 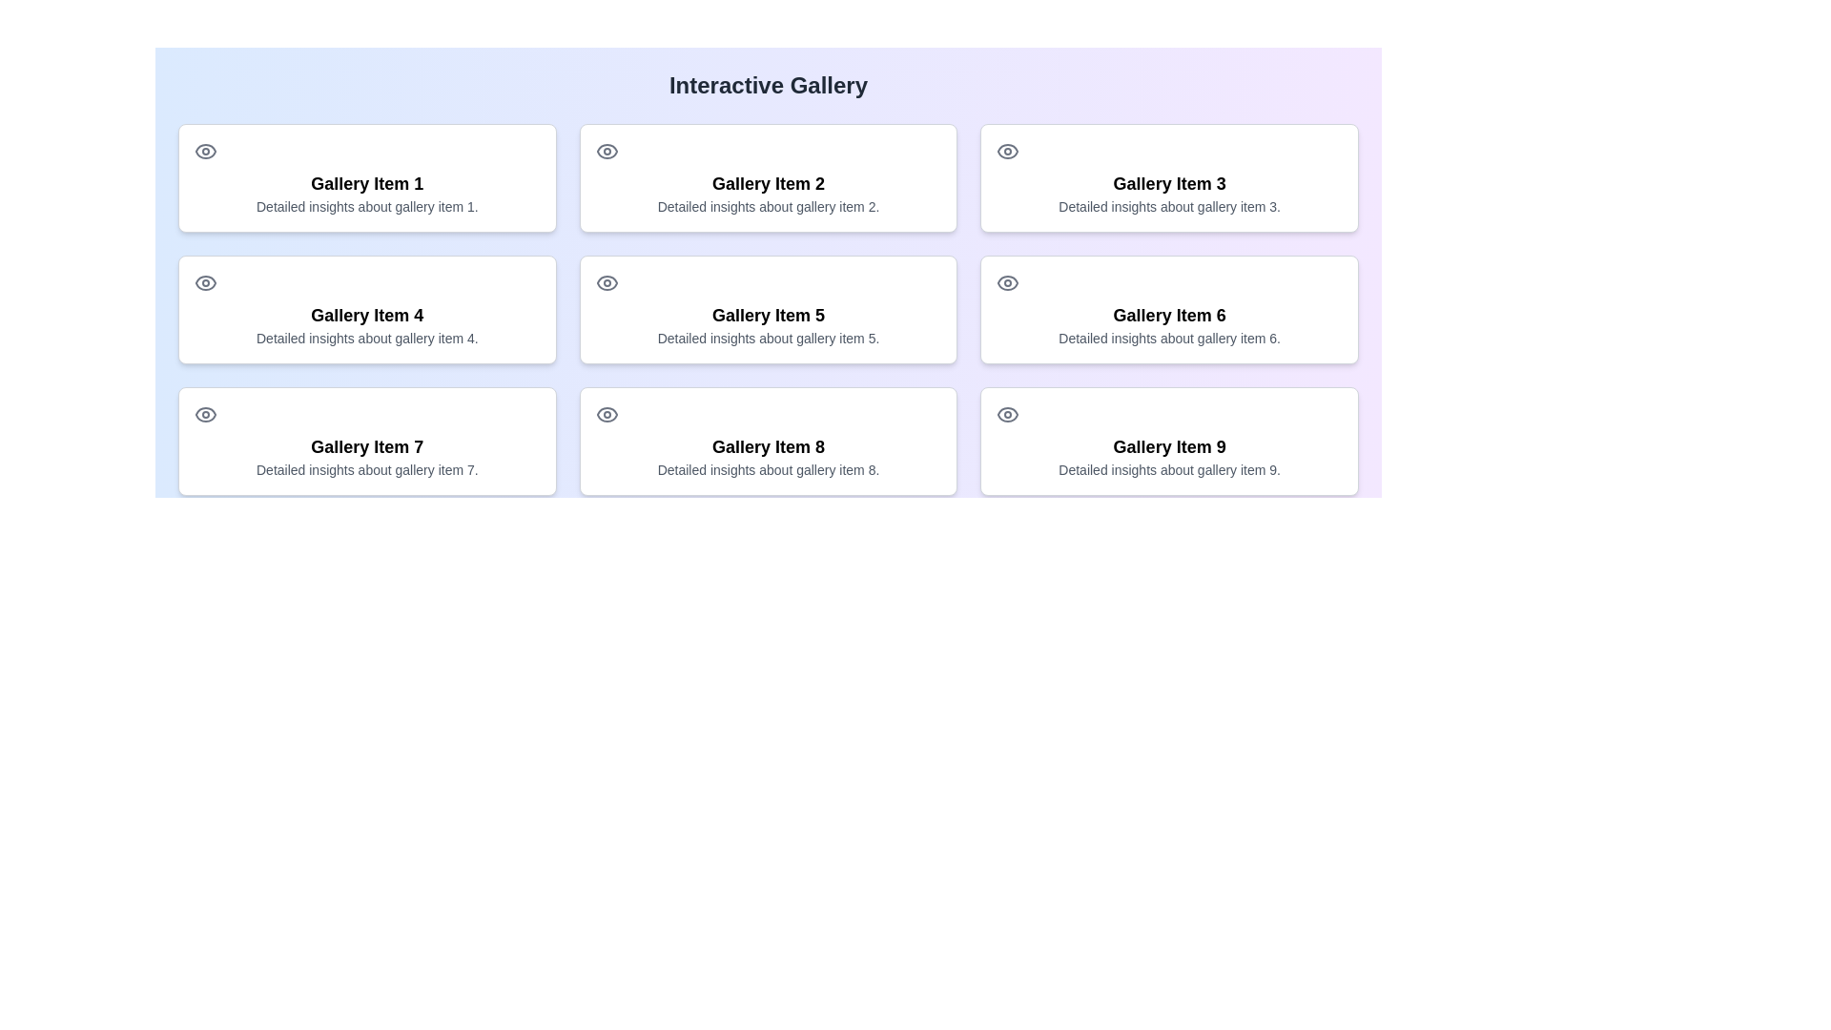 I want to click on title text of the gallery item represented in 'Gallery Item 8', located in the third row and second column of the interactive gallery grid layout, so click(x=769, y=447).